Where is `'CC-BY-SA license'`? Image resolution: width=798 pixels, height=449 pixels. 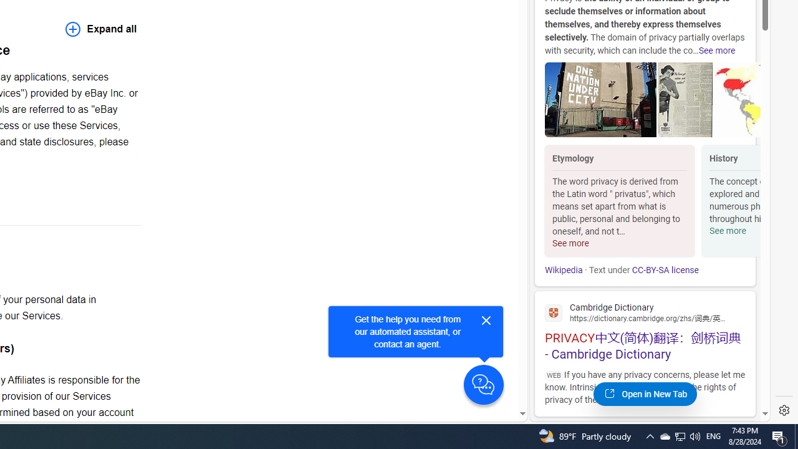
'CC-BY-SA license' is located at coordinates (664, 269).